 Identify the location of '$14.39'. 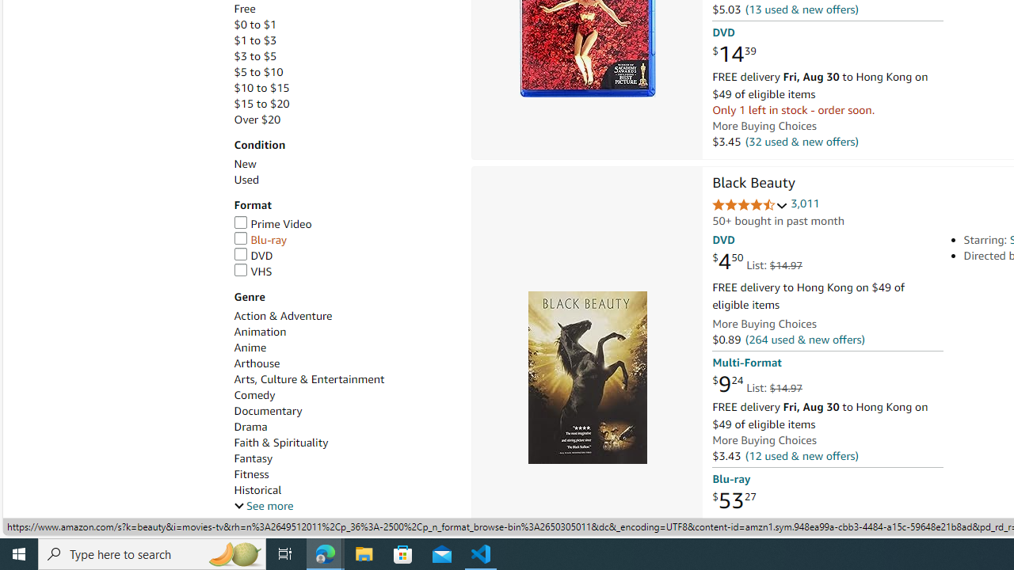
(733, 54).